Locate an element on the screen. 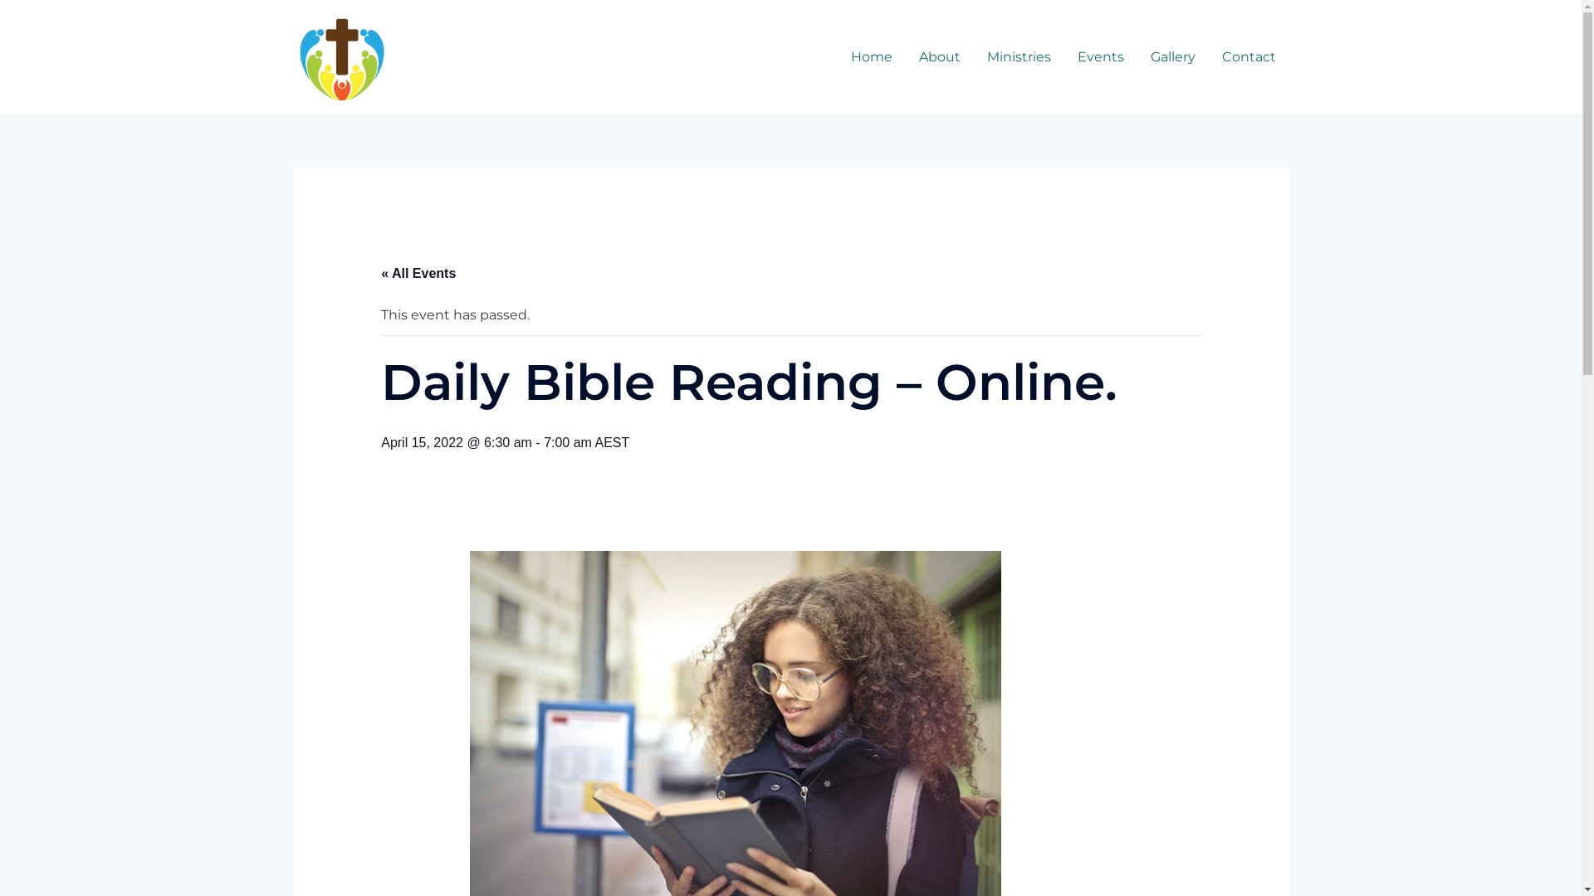 This screenshot has height=896, width=1594. 'About' is located at coordinates (939, 56).